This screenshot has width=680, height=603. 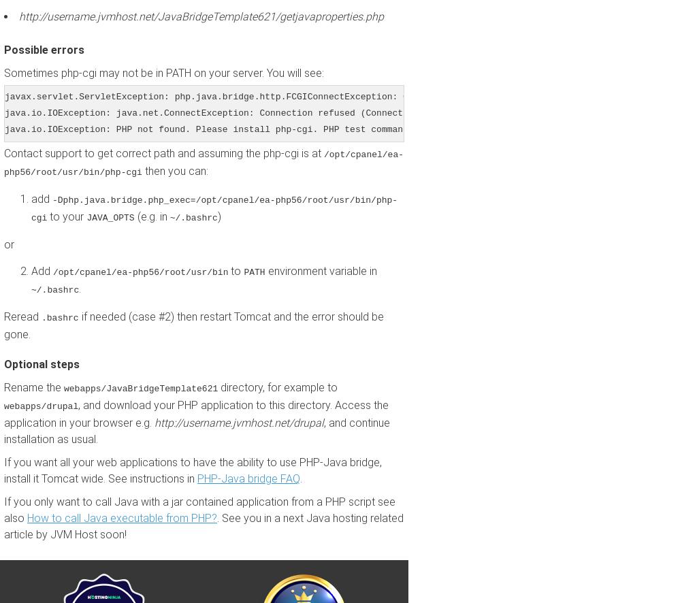 What do you see at coordinates (199, 510) in the screenshot?
I see `'If you only want to call Java with a jar contained application from a PHP script see also'` at bounding box center [199, 510].